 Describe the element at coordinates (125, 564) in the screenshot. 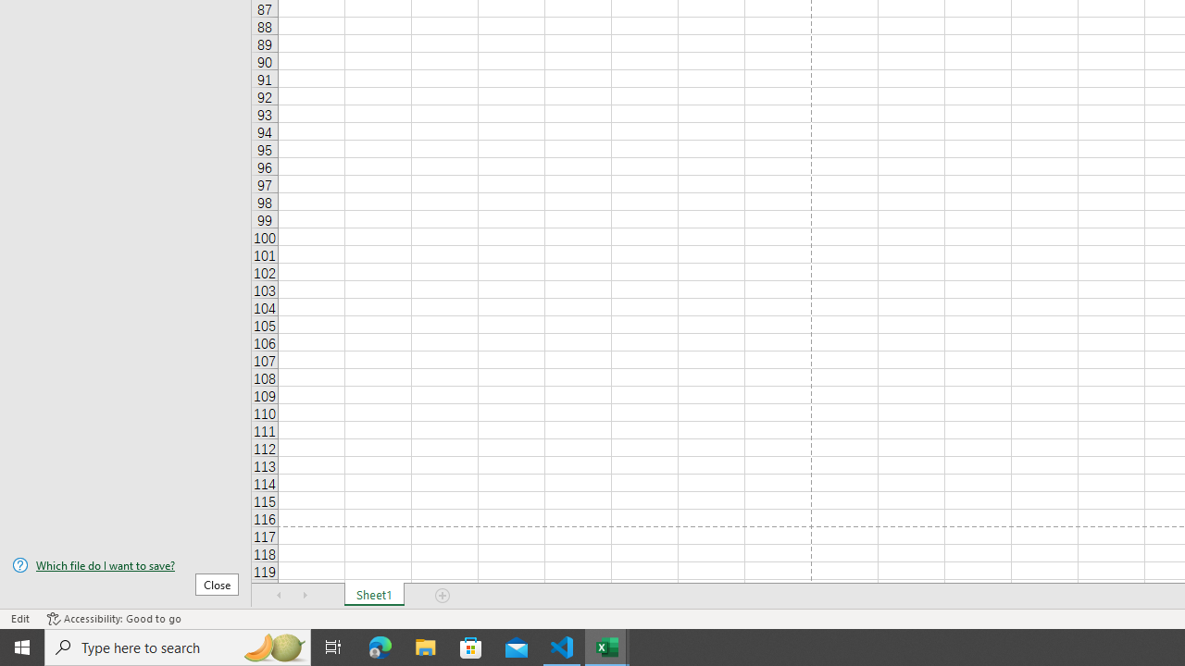

I see `'Which file do I want to save?'` at that location.